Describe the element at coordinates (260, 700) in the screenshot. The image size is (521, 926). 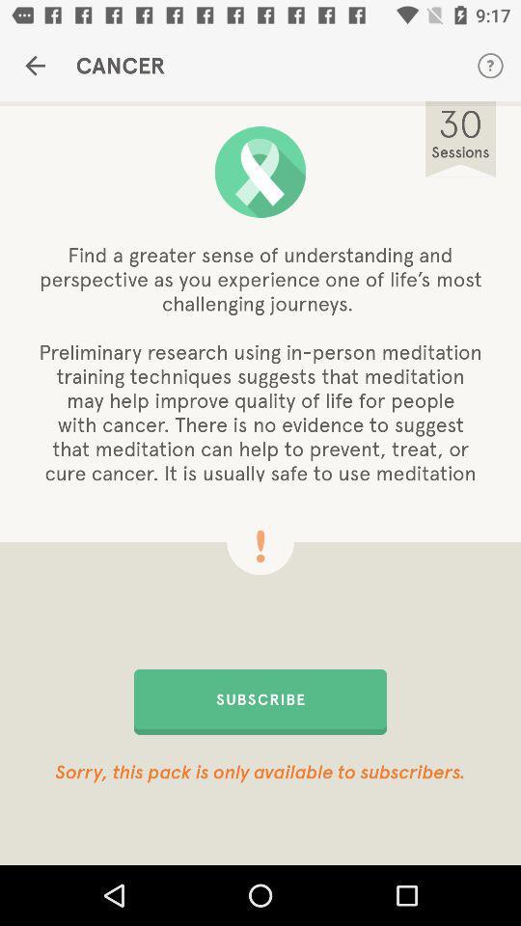
I see `the item above sorry this pack` at that location.